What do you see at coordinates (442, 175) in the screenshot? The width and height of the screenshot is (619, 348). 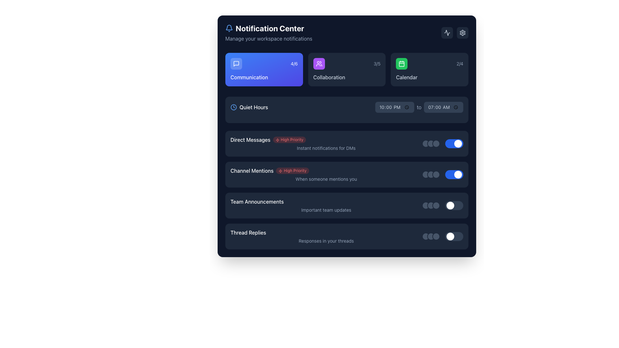 I see `the blue toggle switch in the 'Channel Mentions' section` at bounding box center [442, 175].